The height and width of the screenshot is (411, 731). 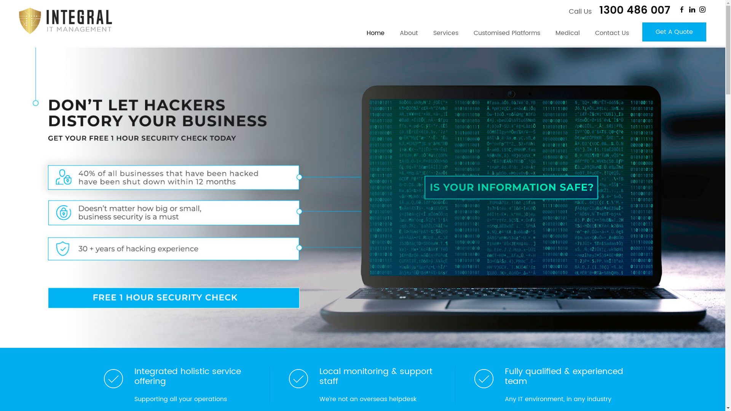 What do you see at coordinates (358, 35) in the screenshot?
I see `'Home'` at bounding box center [358, 35].